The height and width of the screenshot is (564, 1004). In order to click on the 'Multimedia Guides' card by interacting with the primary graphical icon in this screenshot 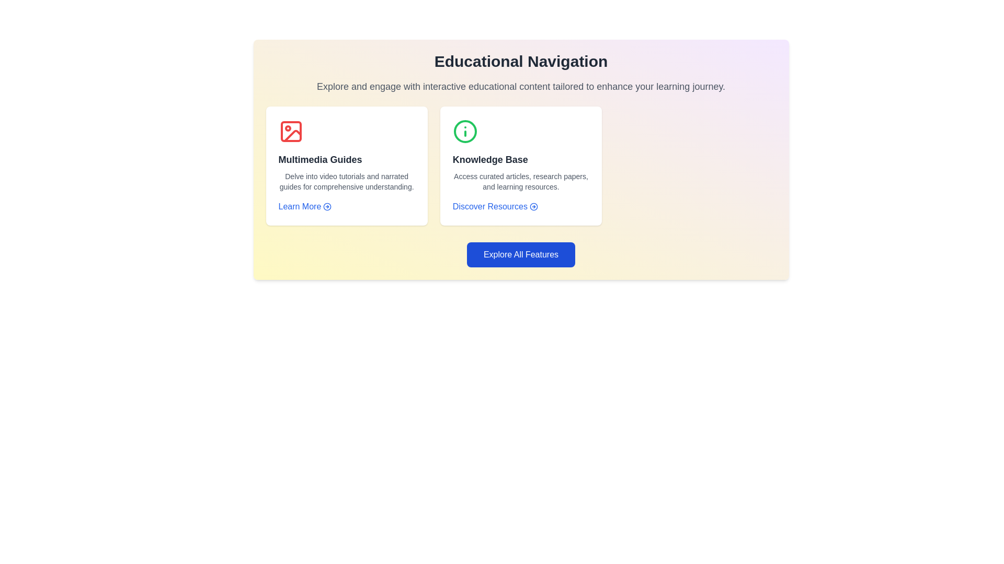, I will do `click(291, 131)`.